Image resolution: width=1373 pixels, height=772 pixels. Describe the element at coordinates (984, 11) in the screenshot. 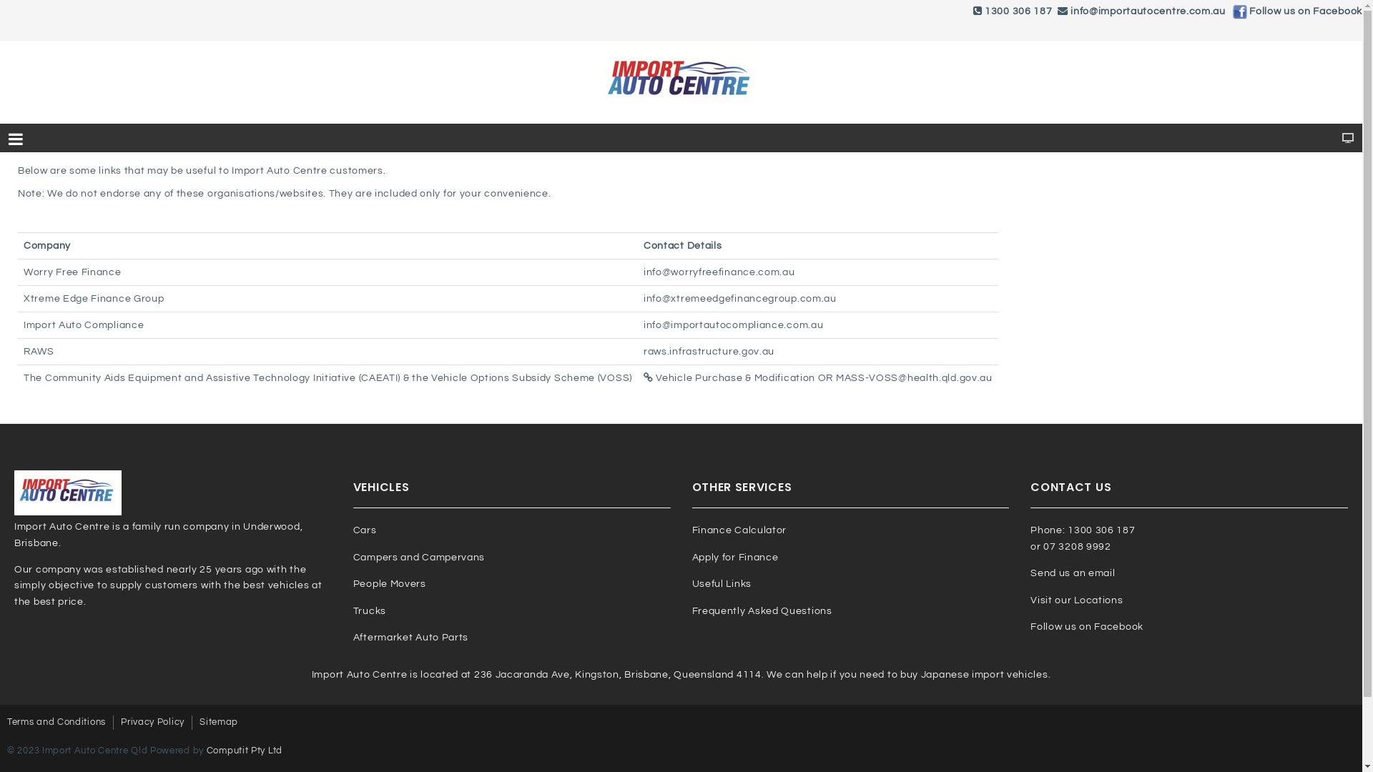

I see `'1300 306 187'` at that location.